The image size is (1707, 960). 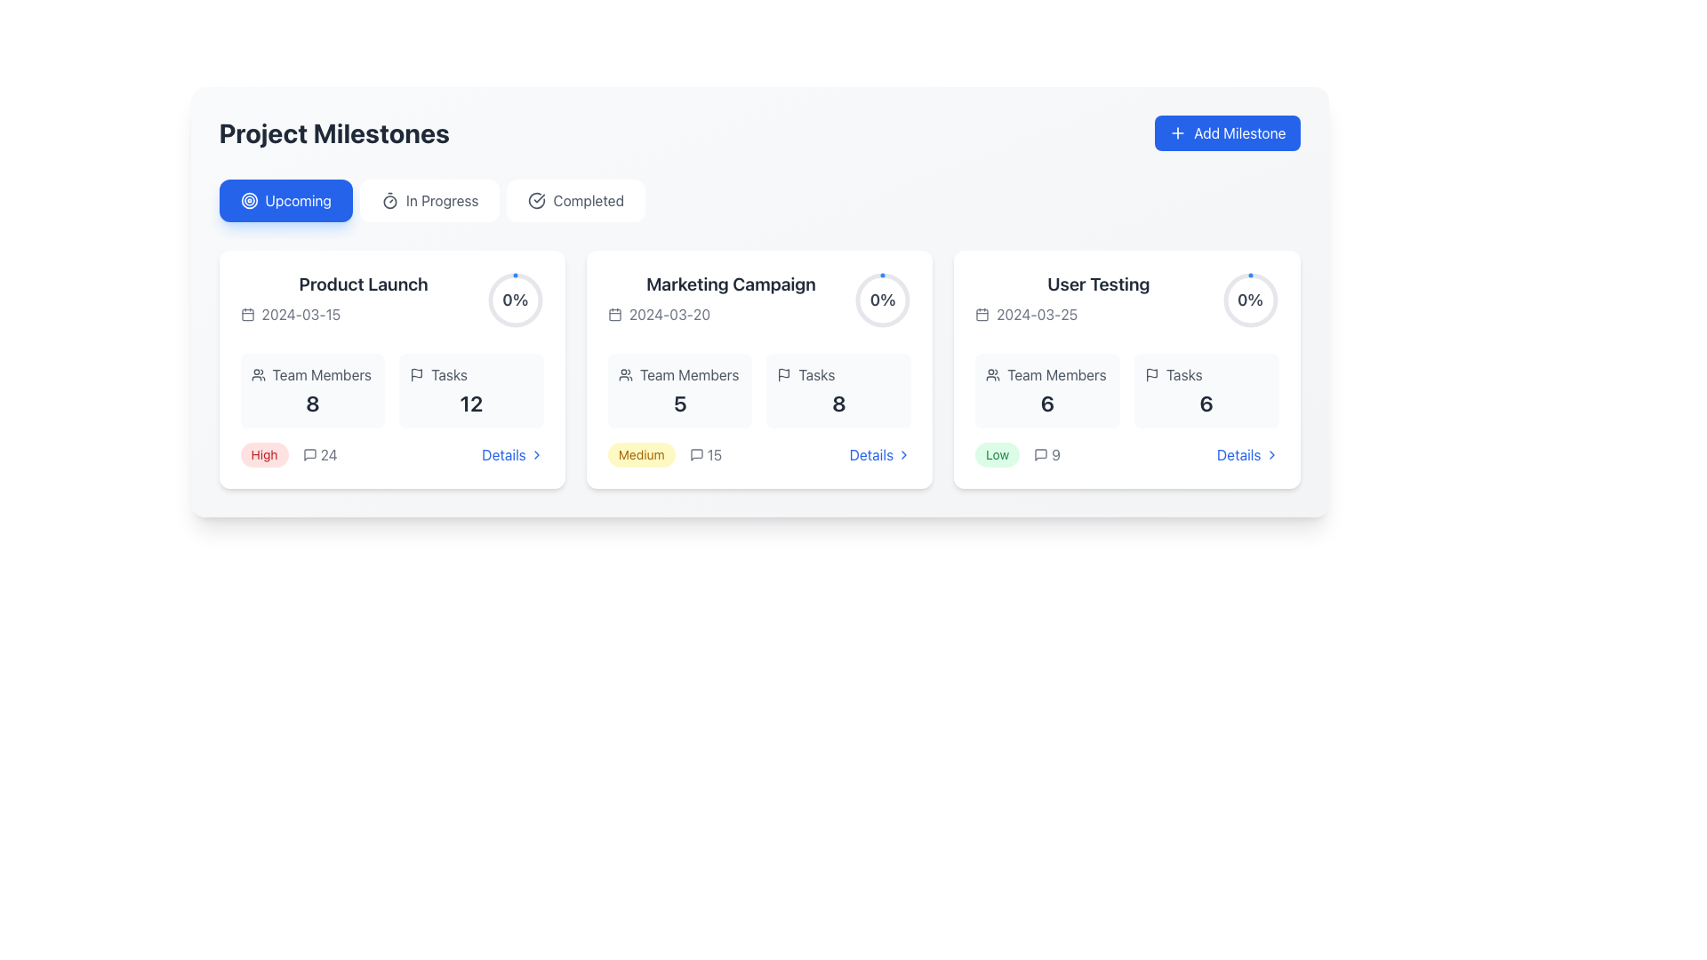 What do you see at coordinates (363, 314) in the screenshot?
I see `the date label associated with the 'Product Launch' milestone, which is located below the 'Product Launch' title and to the left of the circular percentage indicator` at bounding box center [363, 314].